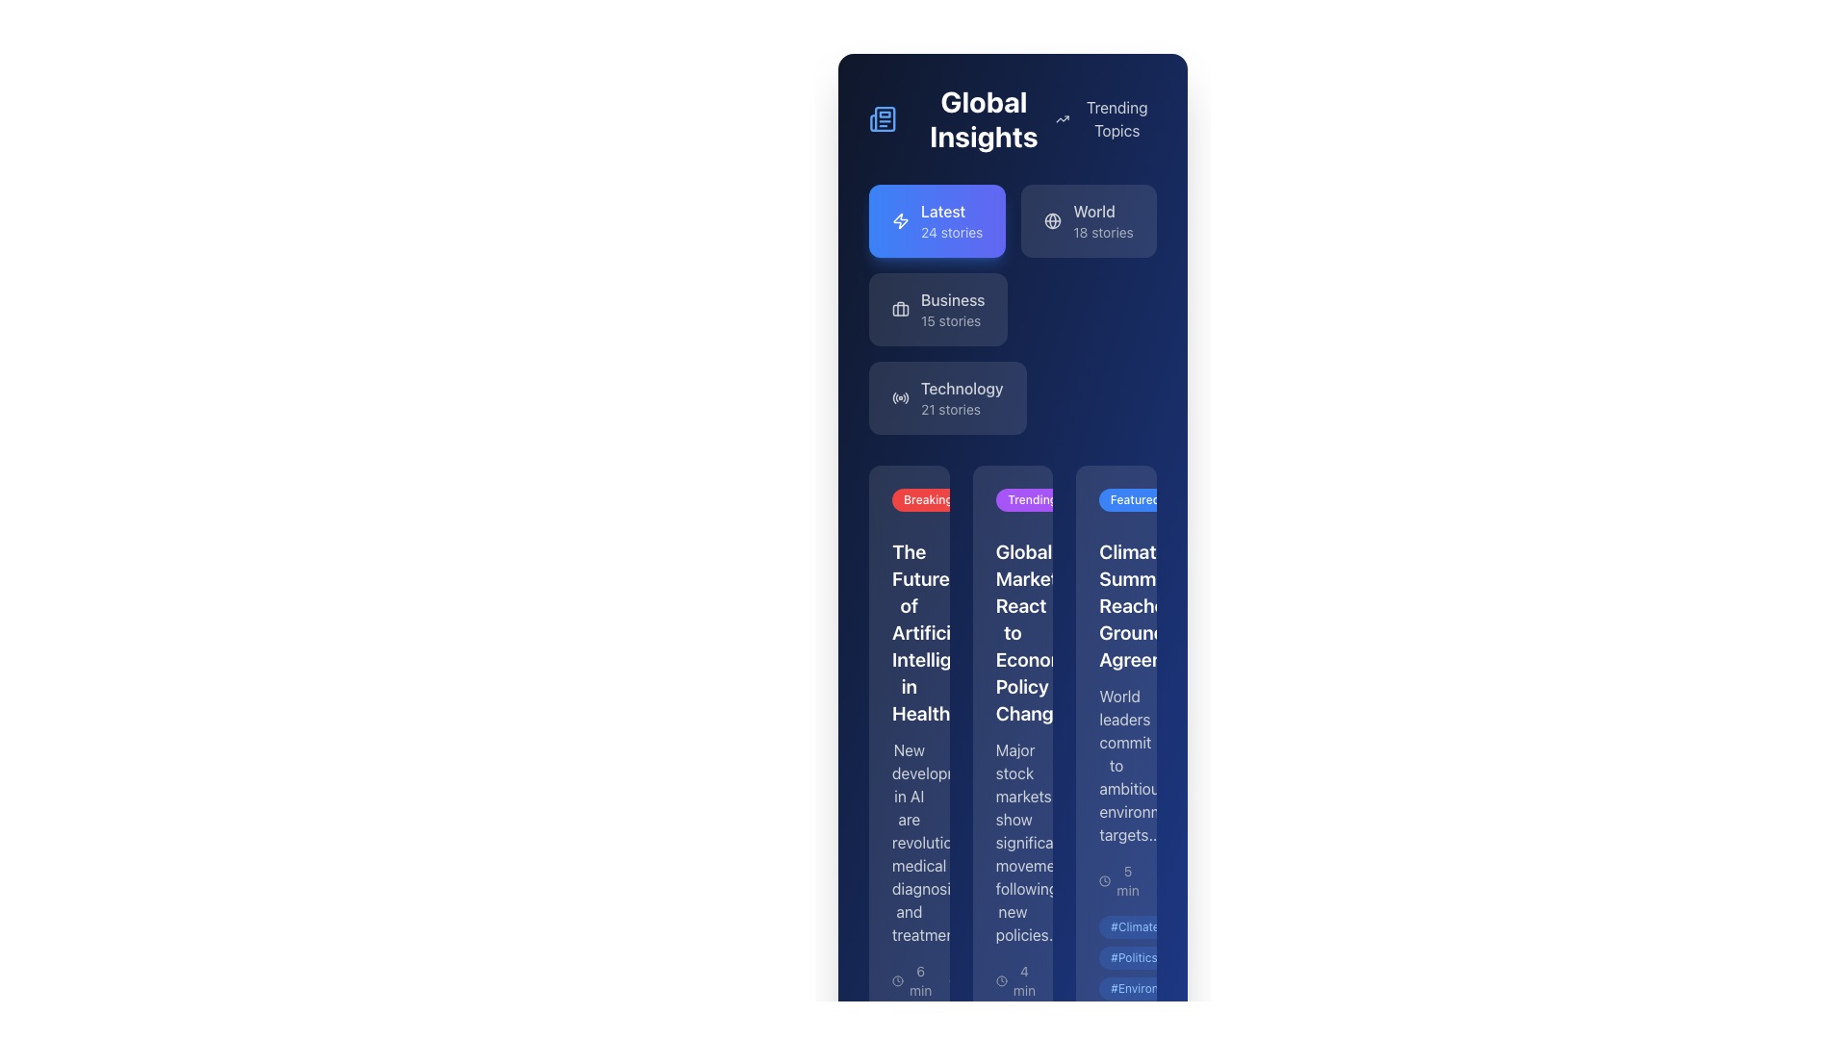 This screenshot has height=1039, width=1848. I want to click on 'Trending' tag, which is a small pill-shaped label with white text on a purple background, located at the top of the second column in a multi-column layout, so click(1031, 499).